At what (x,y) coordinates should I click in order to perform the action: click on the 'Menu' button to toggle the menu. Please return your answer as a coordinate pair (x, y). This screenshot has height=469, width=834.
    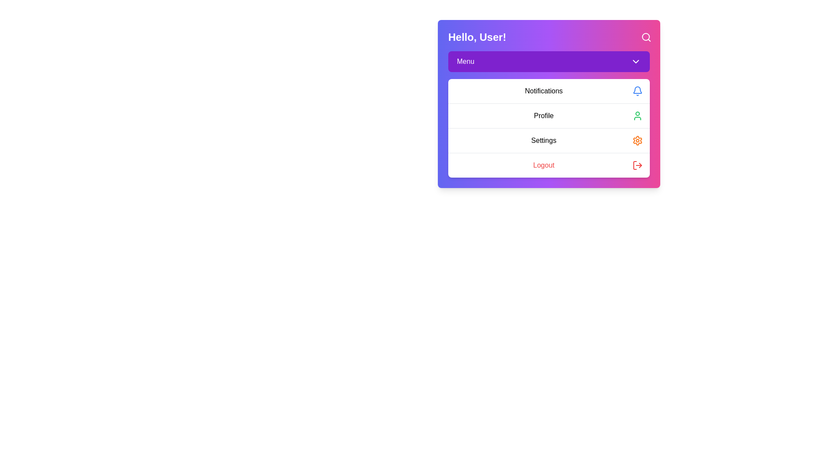
    Looking at the image, I should click on (548, 61).